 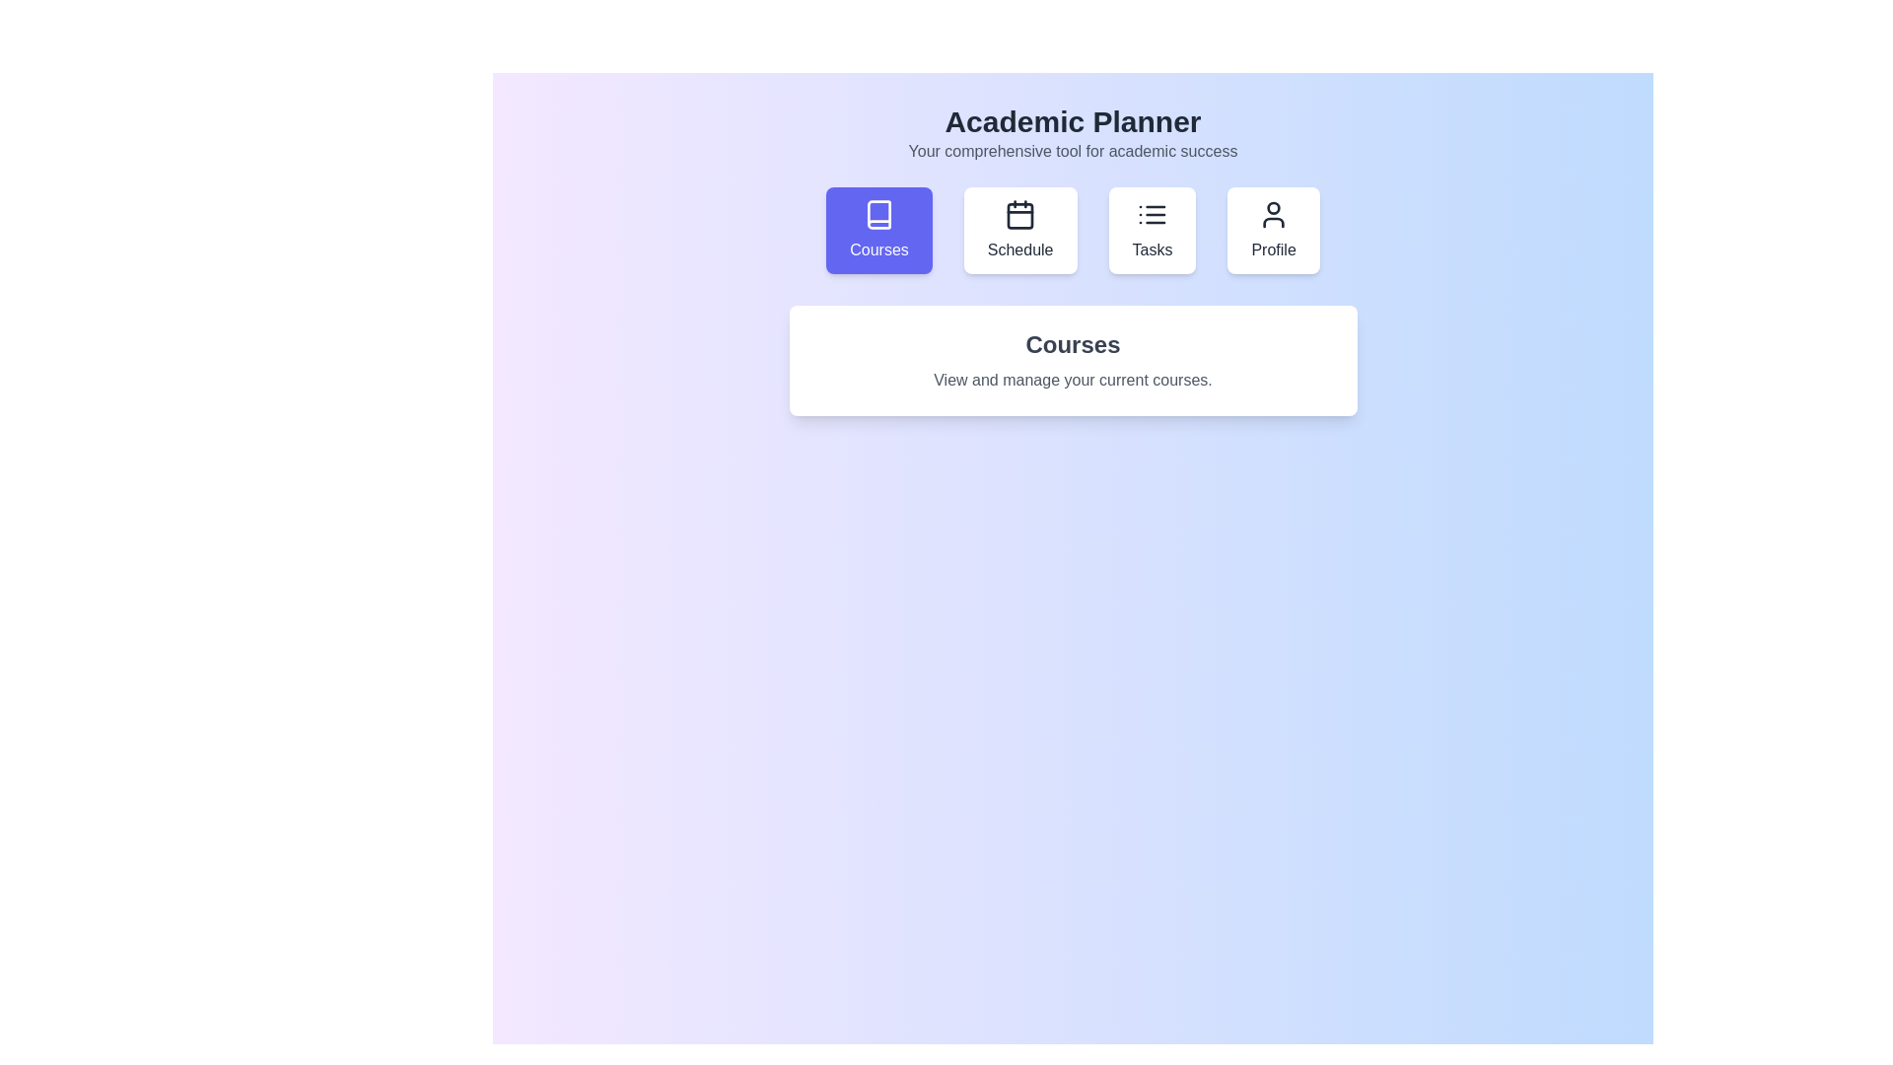 What do you see at coordinates (1273, 230) in the screenshot?
I see `the Profile tab to view its content` at bounding box center [1273, 230].